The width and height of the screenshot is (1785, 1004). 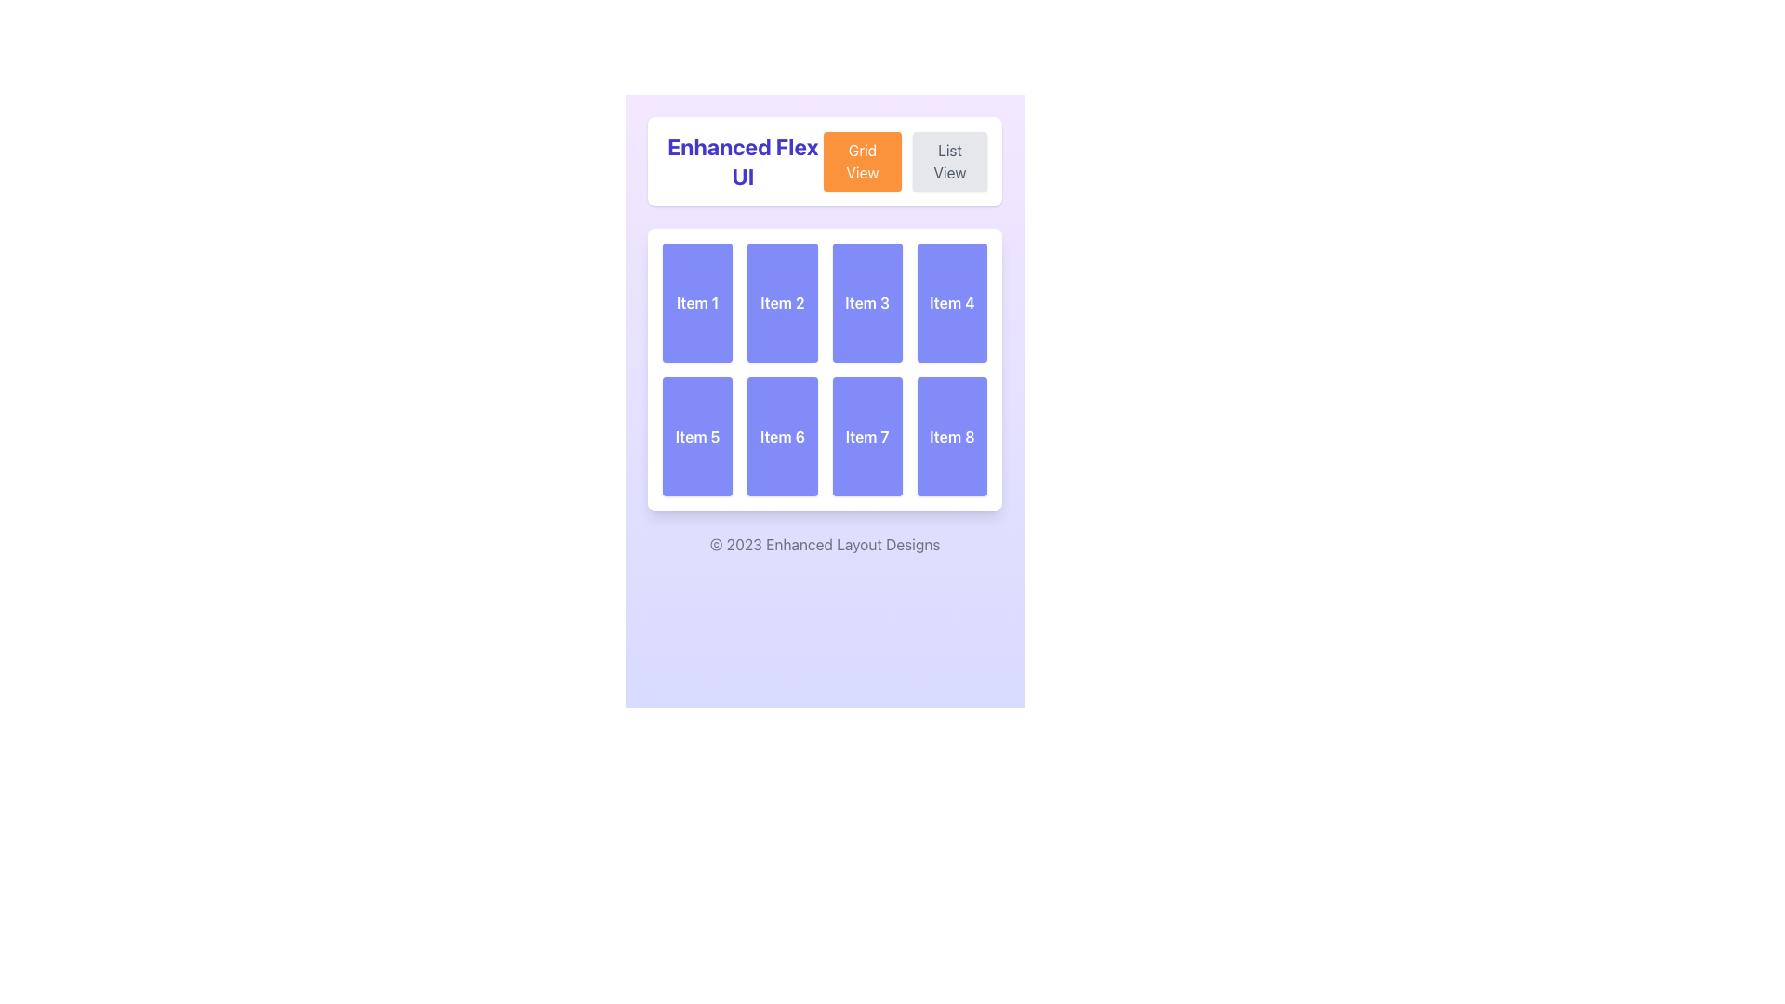 What do you see at coordinates (696, 437) in the screenshot?
I see `the fifth item in a 2-row, 4-column grid layout, which is a static display component containing textual content` at bounding box center [696, 437].